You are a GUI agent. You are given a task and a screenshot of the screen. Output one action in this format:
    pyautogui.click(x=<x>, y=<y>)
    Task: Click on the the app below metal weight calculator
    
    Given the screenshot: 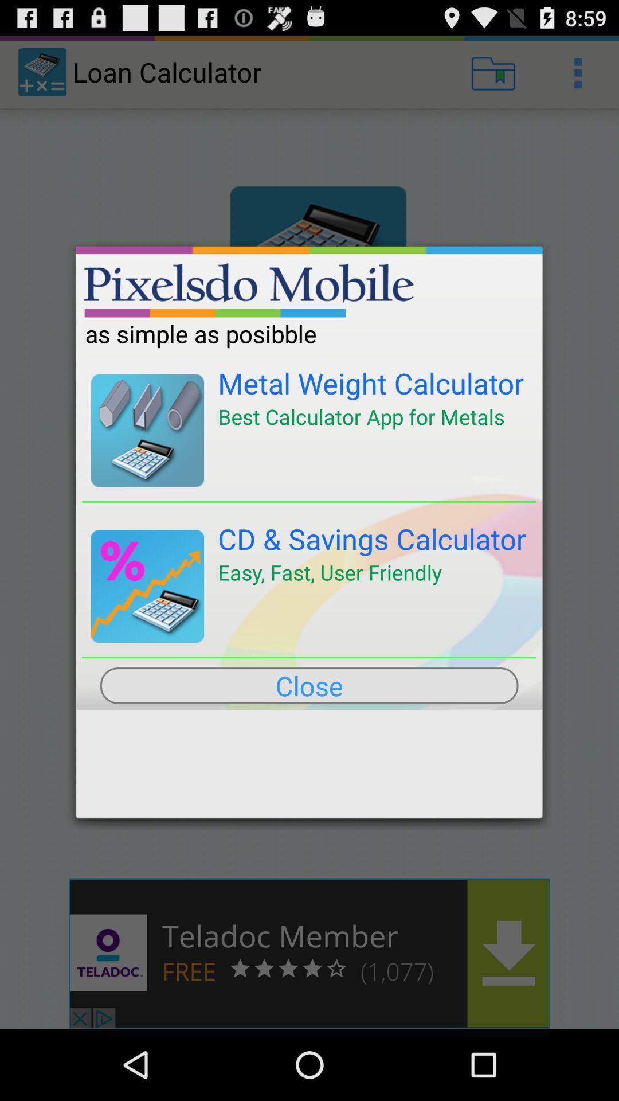 What is the action you would take?
    pyautogui.click(x=361, y=416)
    